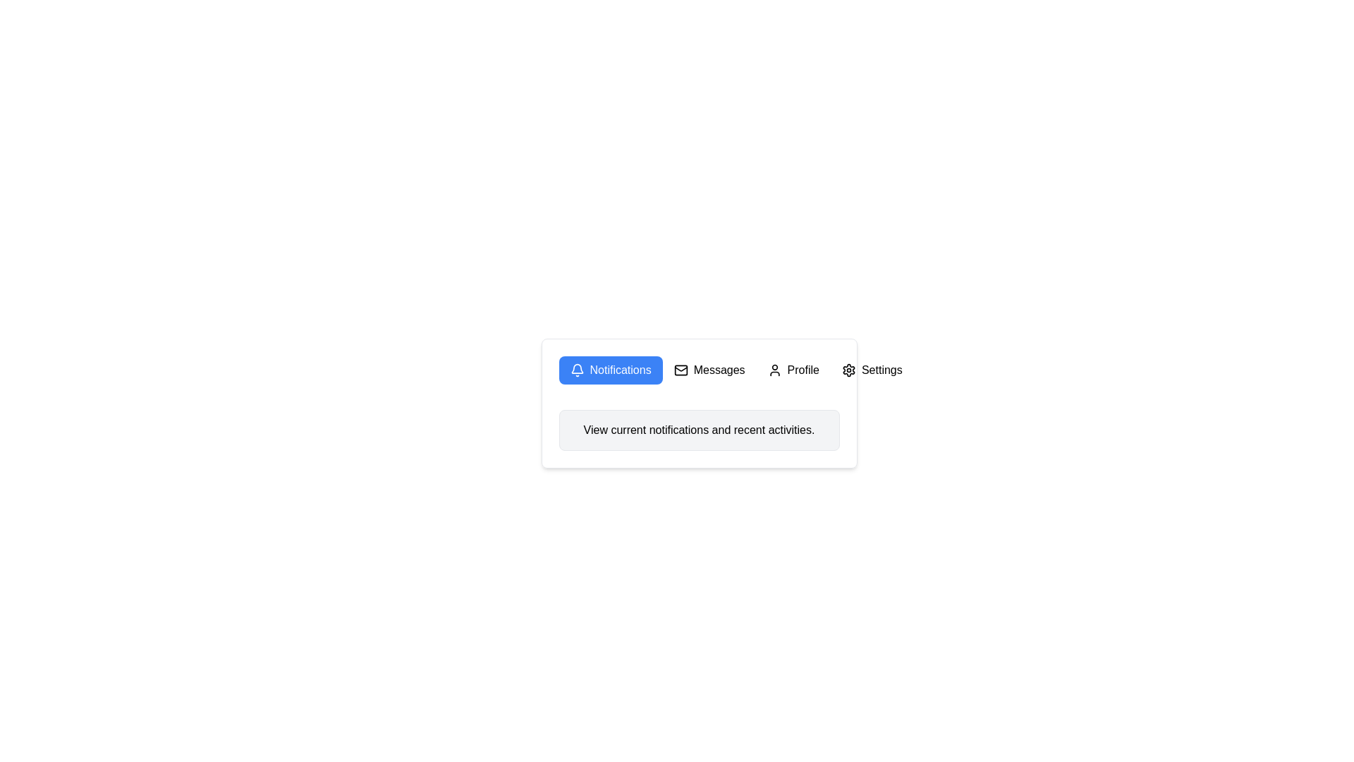 This screenshot has width=1354, height=762. I want to click on the 'Settings' text label located at the far right of the menu items, following the gear icon, so click(881, 369).